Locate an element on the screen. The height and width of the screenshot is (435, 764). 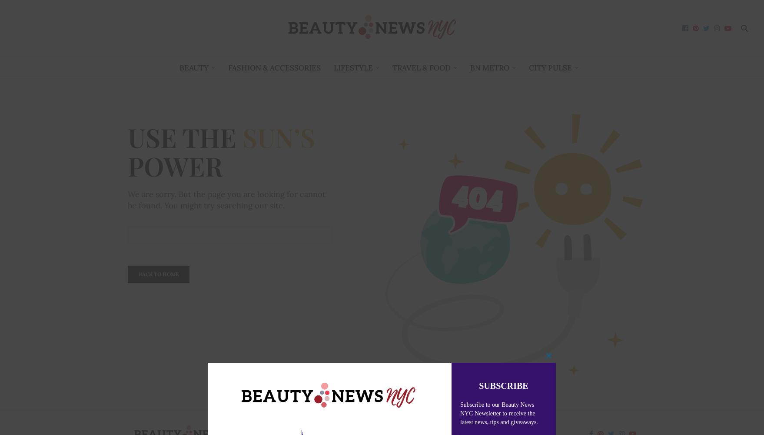
'SUN’S' is located at coordinates (242, 137).